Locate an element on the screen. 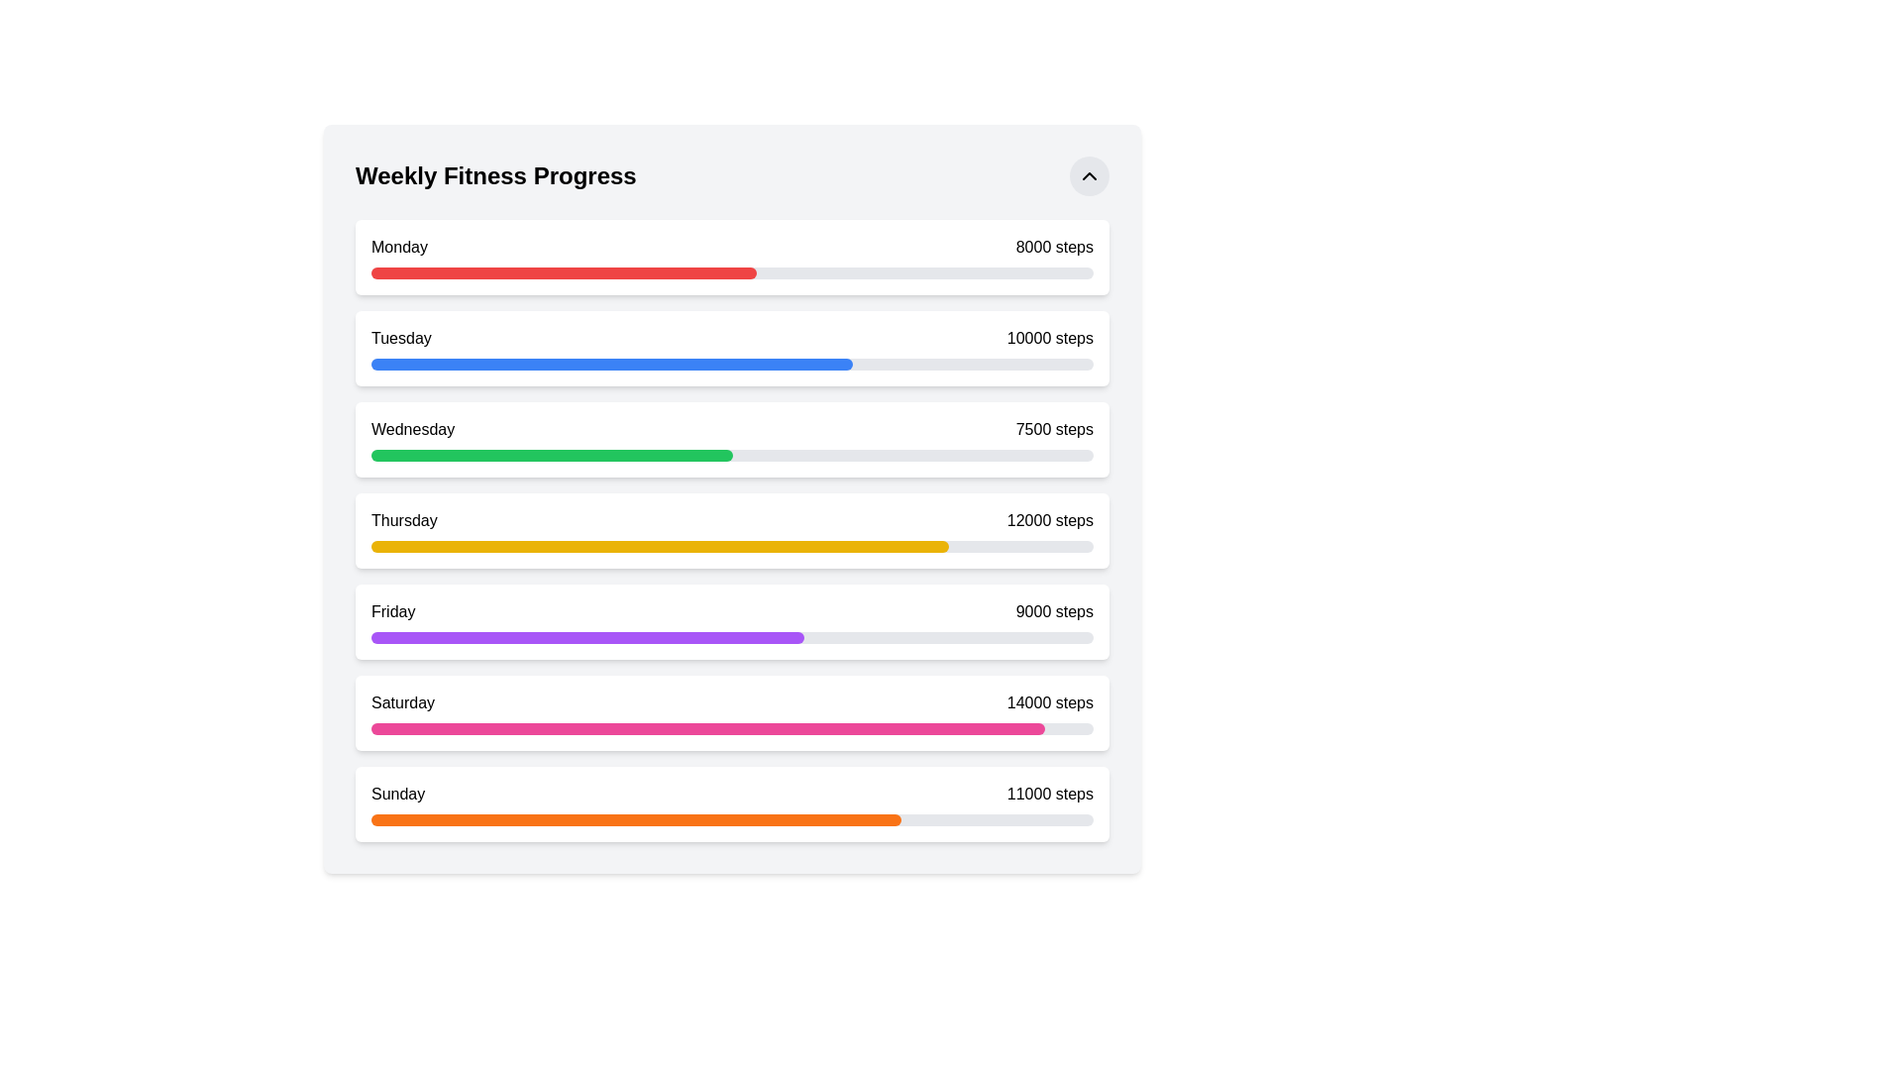 This screenshot has width=1902, height=1070. the 'Tuesday' label in the weekly progress tracker interface, which indicates the day of the week and is left-aligned in its row is located at coordinates (400, 338).